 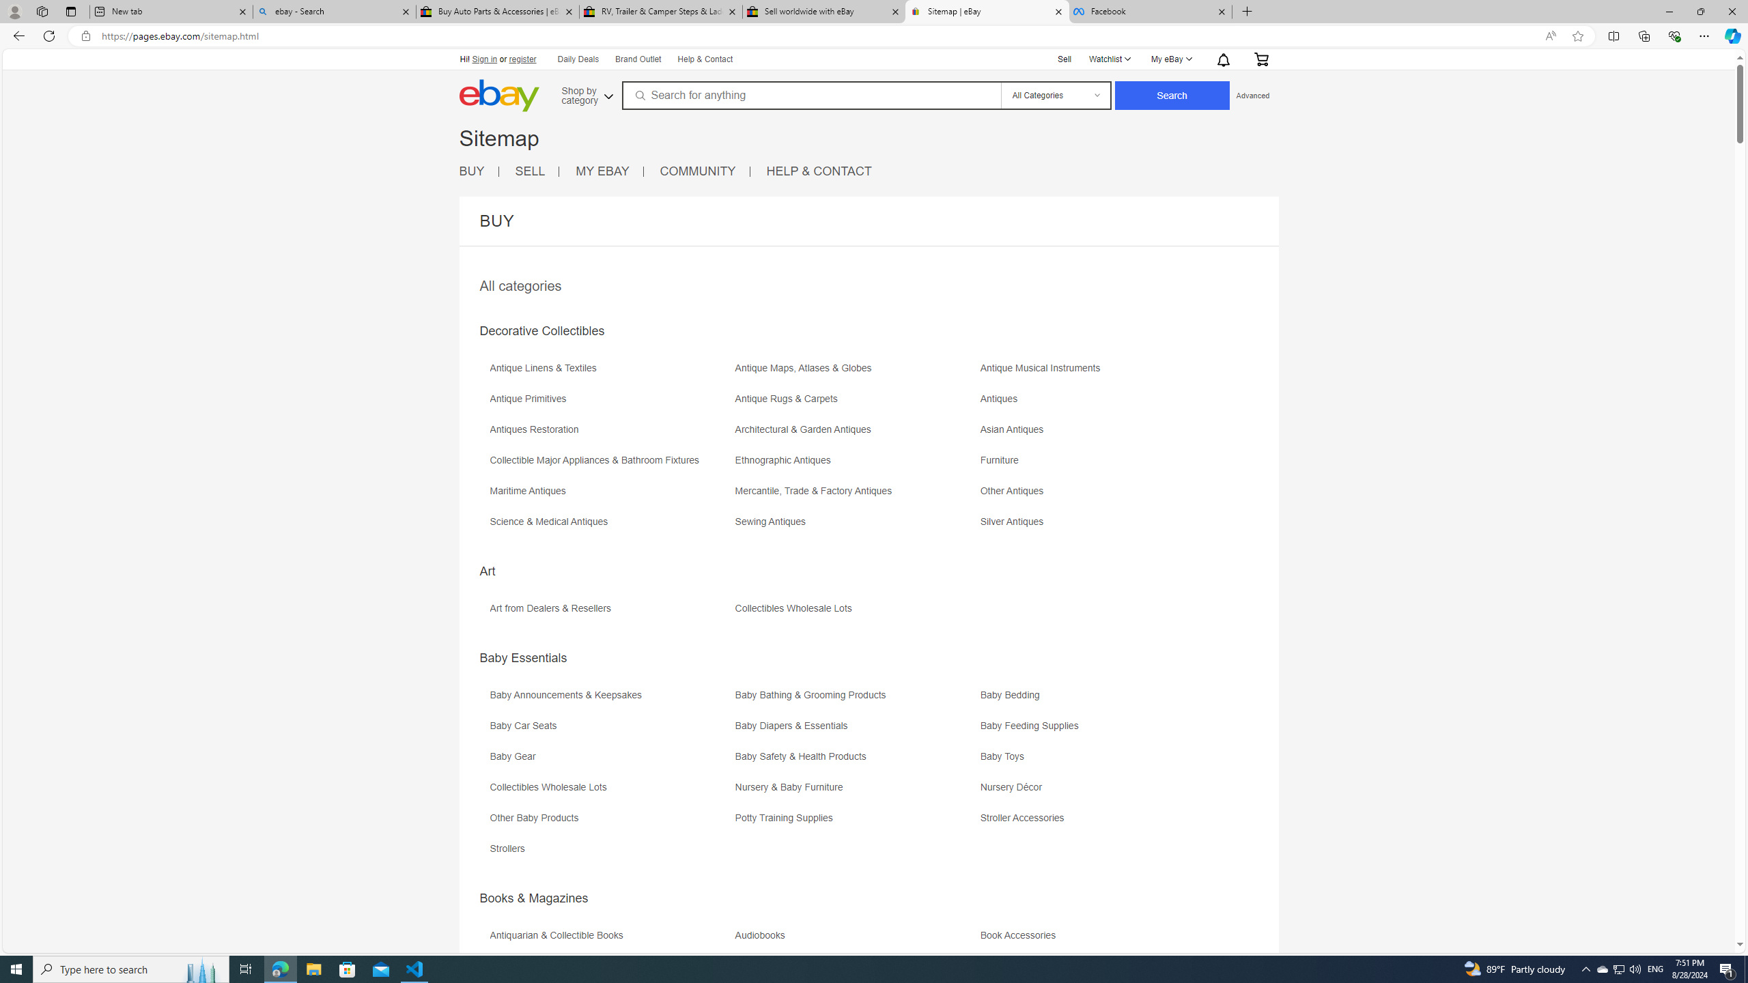 I want to click on 'Nursery & Baby Furniture', so click(x=791, y=786).